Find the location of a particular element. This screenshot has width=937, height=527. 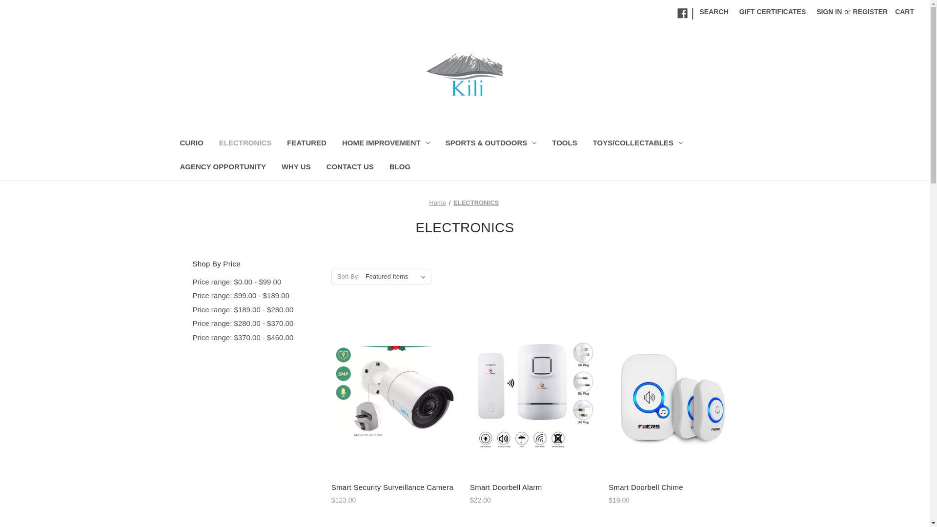

'Price range: $280.00 - $370.00' is located at coordinates (192, 324).